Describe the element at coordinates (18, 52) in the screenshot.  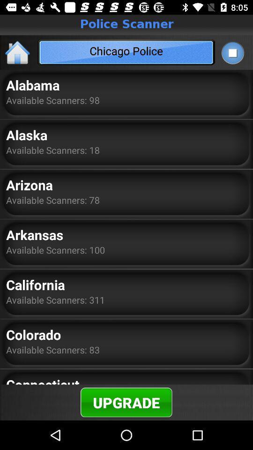
I see `the item to the left of the chicago police` at that location.